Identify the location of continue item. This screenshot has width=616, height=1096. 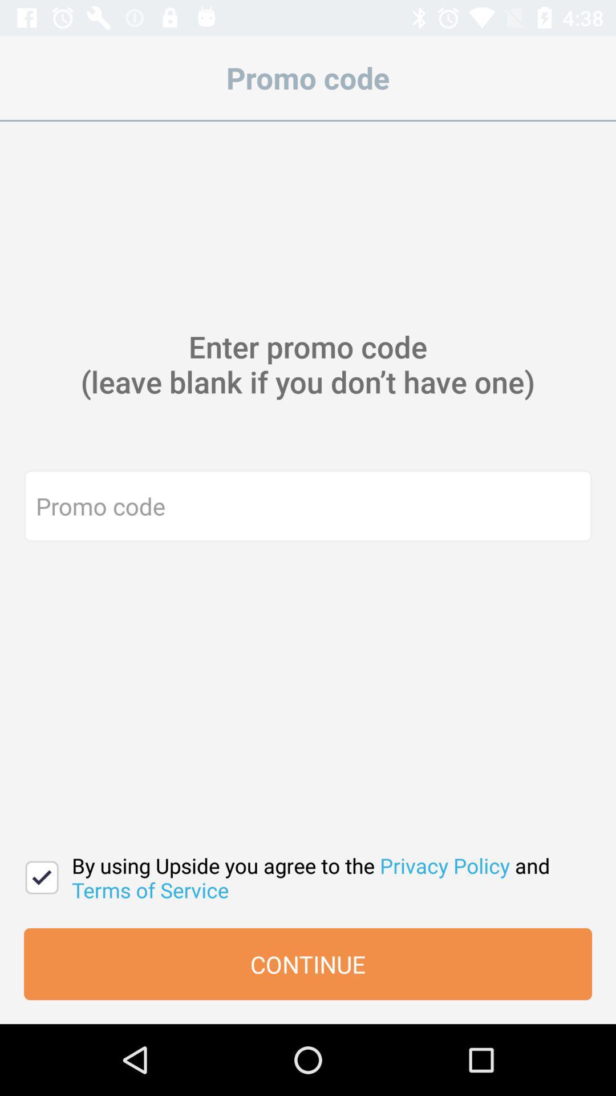
(308, 964).